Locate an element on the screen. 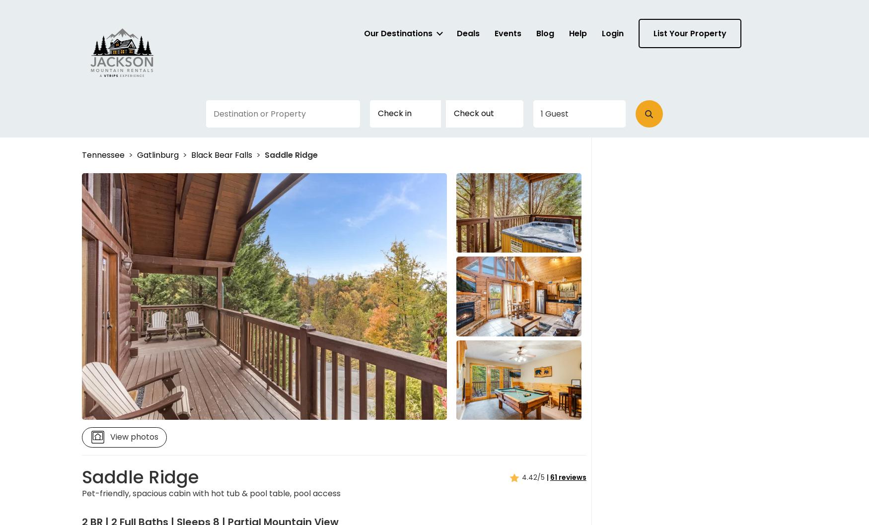 The height and width of the screenshot is (525, 869). 'Terms of Use' is located at coordinates (431, 190).